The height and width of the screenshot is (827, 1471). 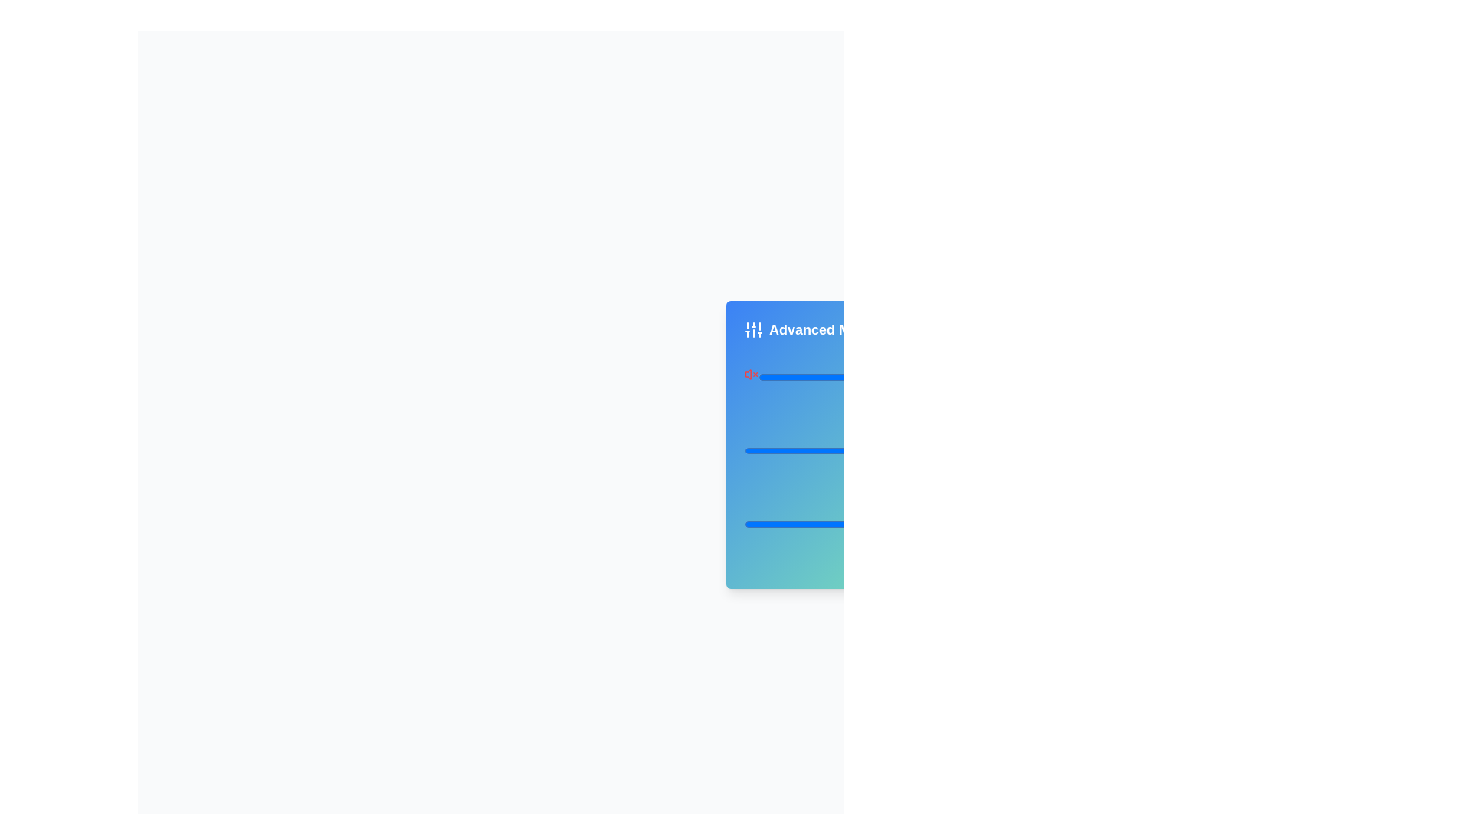 I want to click on the balance value, so click(x=821, y=450).